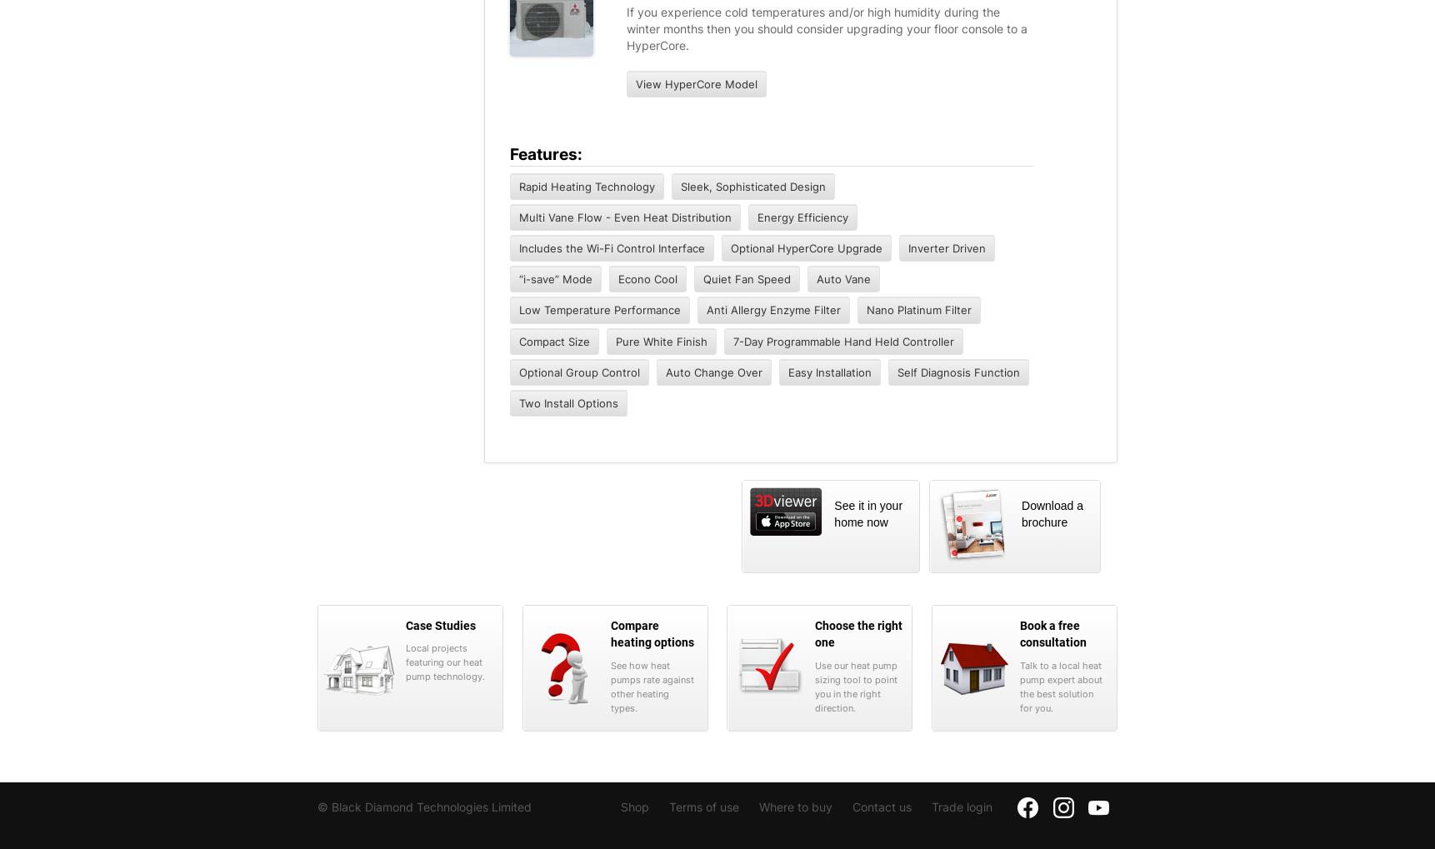 This screenshot has height=849, width=1435. I want to click on '“i-save” Mode', so click(519, 279).